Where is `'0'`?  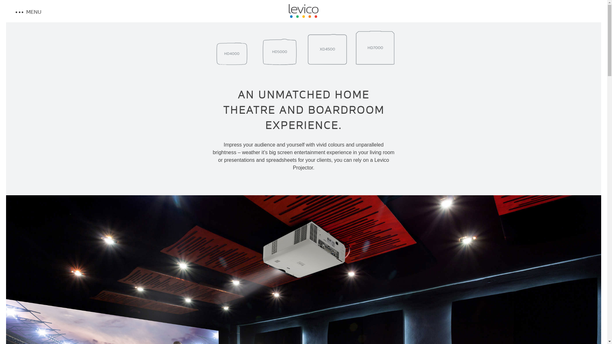
'0' is located at coordinates (231, 49).